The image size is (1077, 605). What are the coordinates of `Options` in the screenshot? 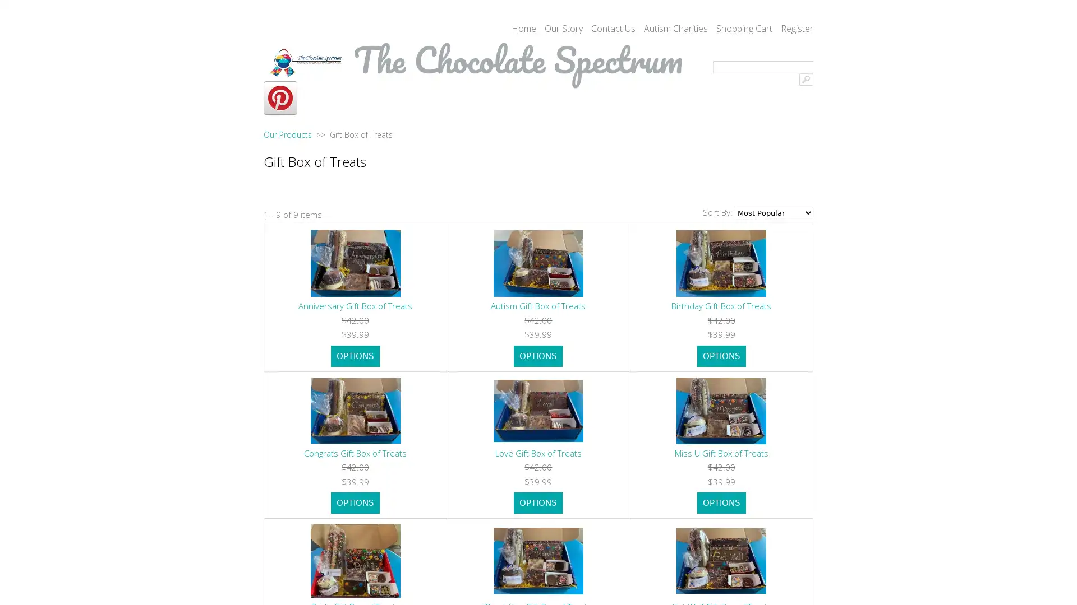 It's located at (355, 502).